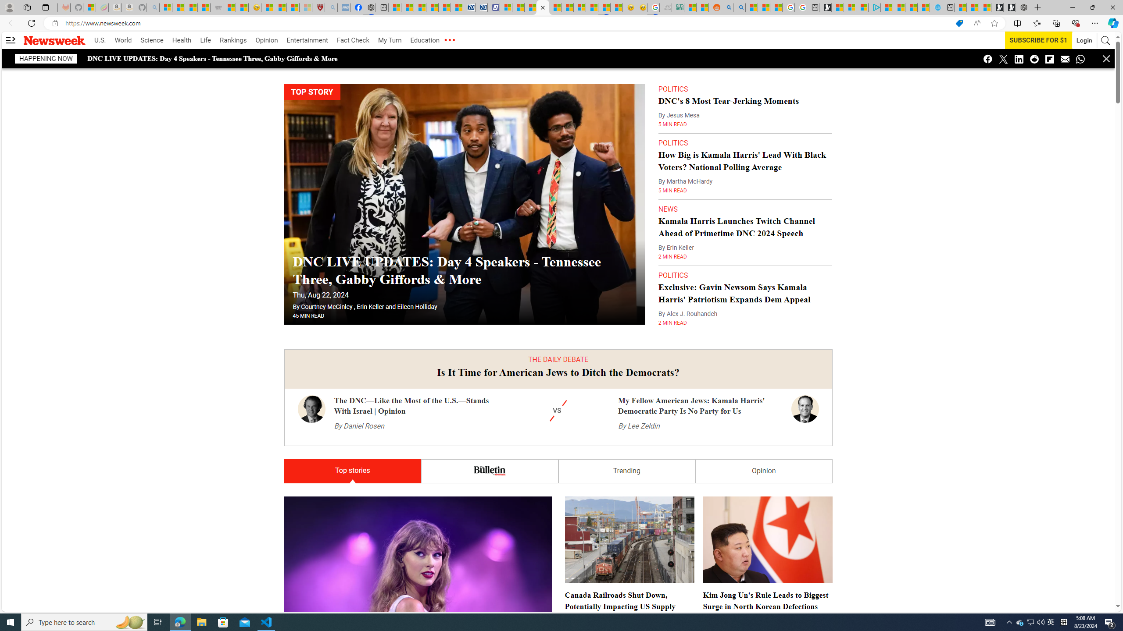 The image size is (1123, 631). What do you see at coordinates (542, 7) in the screenshot?
I see `'Newsweek - News, Analysis, Politics, Business, Technology'` at bounding box center [542, 7].